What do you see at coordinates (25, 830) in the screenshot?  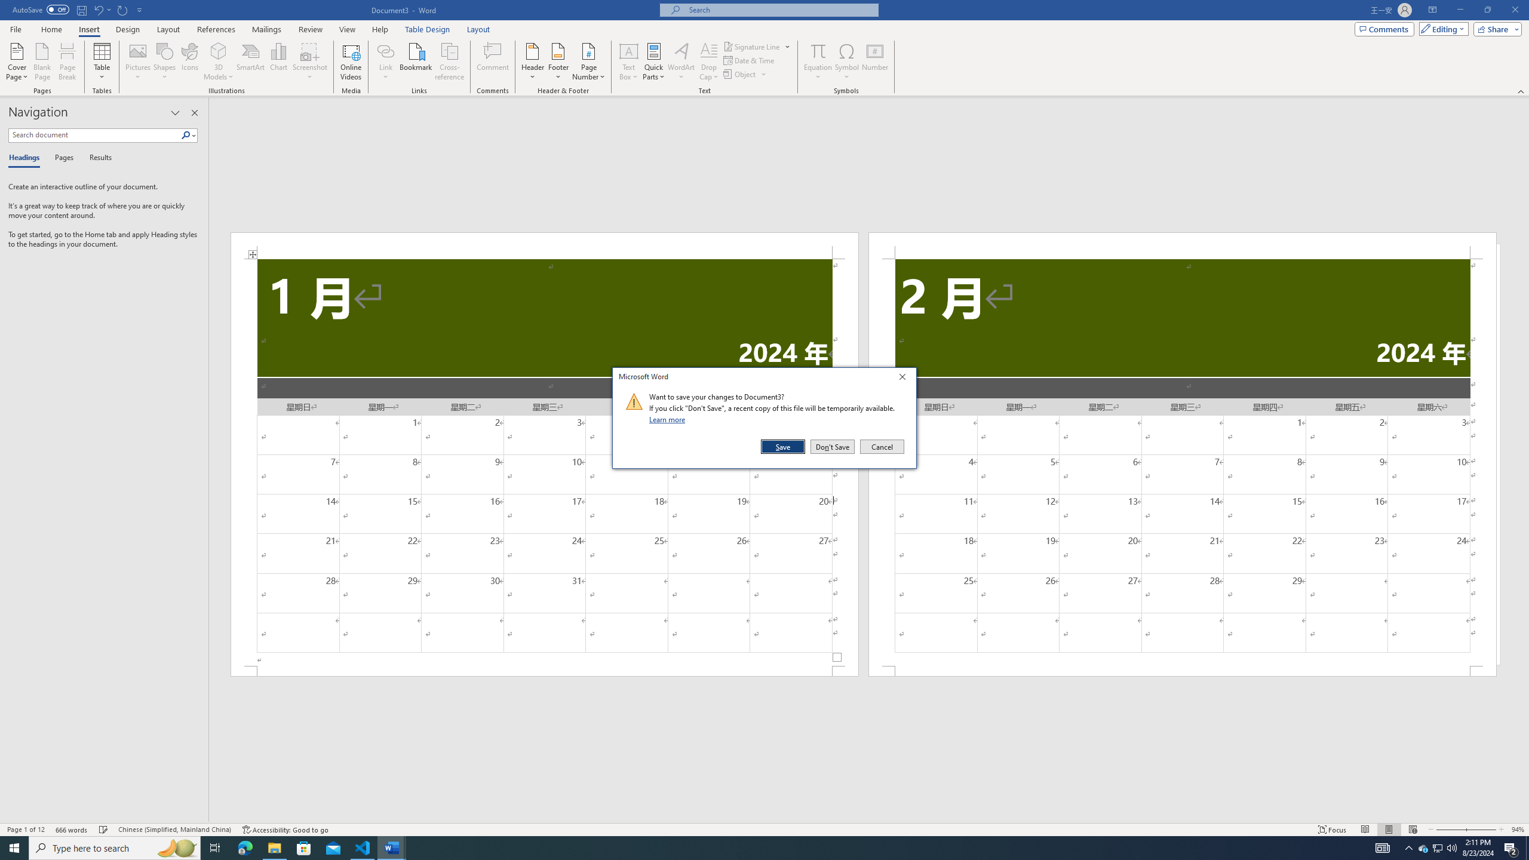 I see `'Spelling and Grammar Check Checking'` at bounding box center [25, 830].